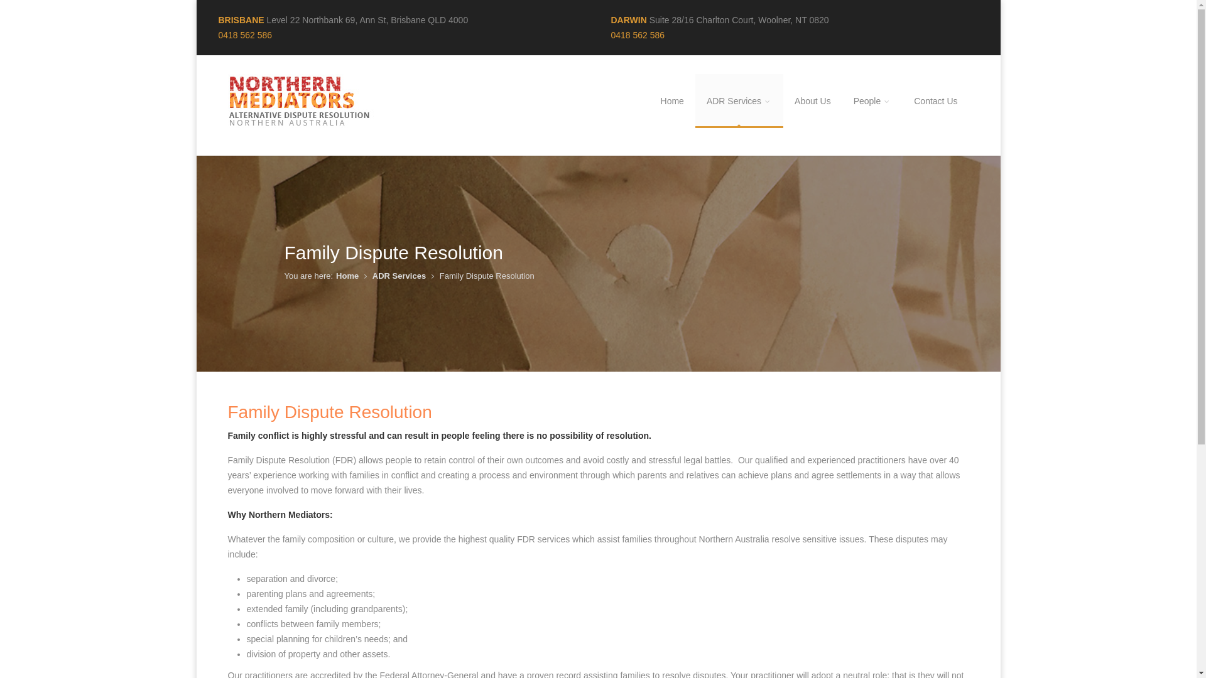  What do you see at coordinates (245, 35) in the screenshot?
I see `'0418 562 586'` at bounding box center [245, 35].